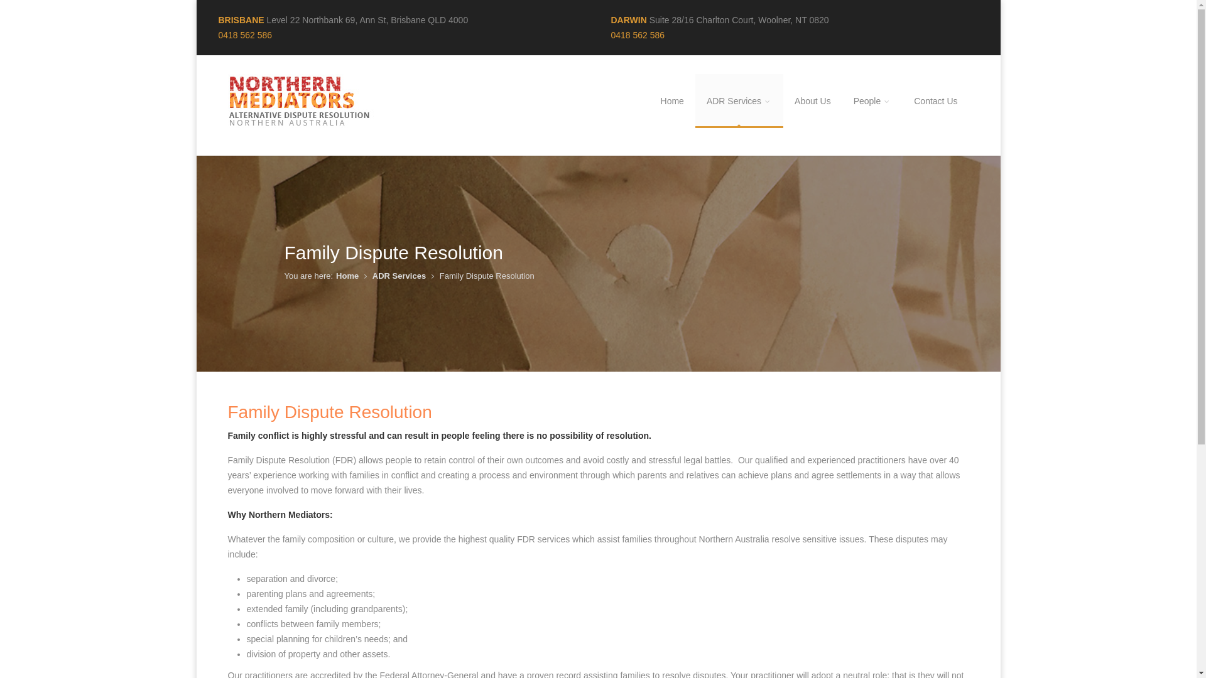  What do you see at coordinates (245, 35) in the screenshot?
I see `'0418 562 586'` at bounding box center [245, 35].